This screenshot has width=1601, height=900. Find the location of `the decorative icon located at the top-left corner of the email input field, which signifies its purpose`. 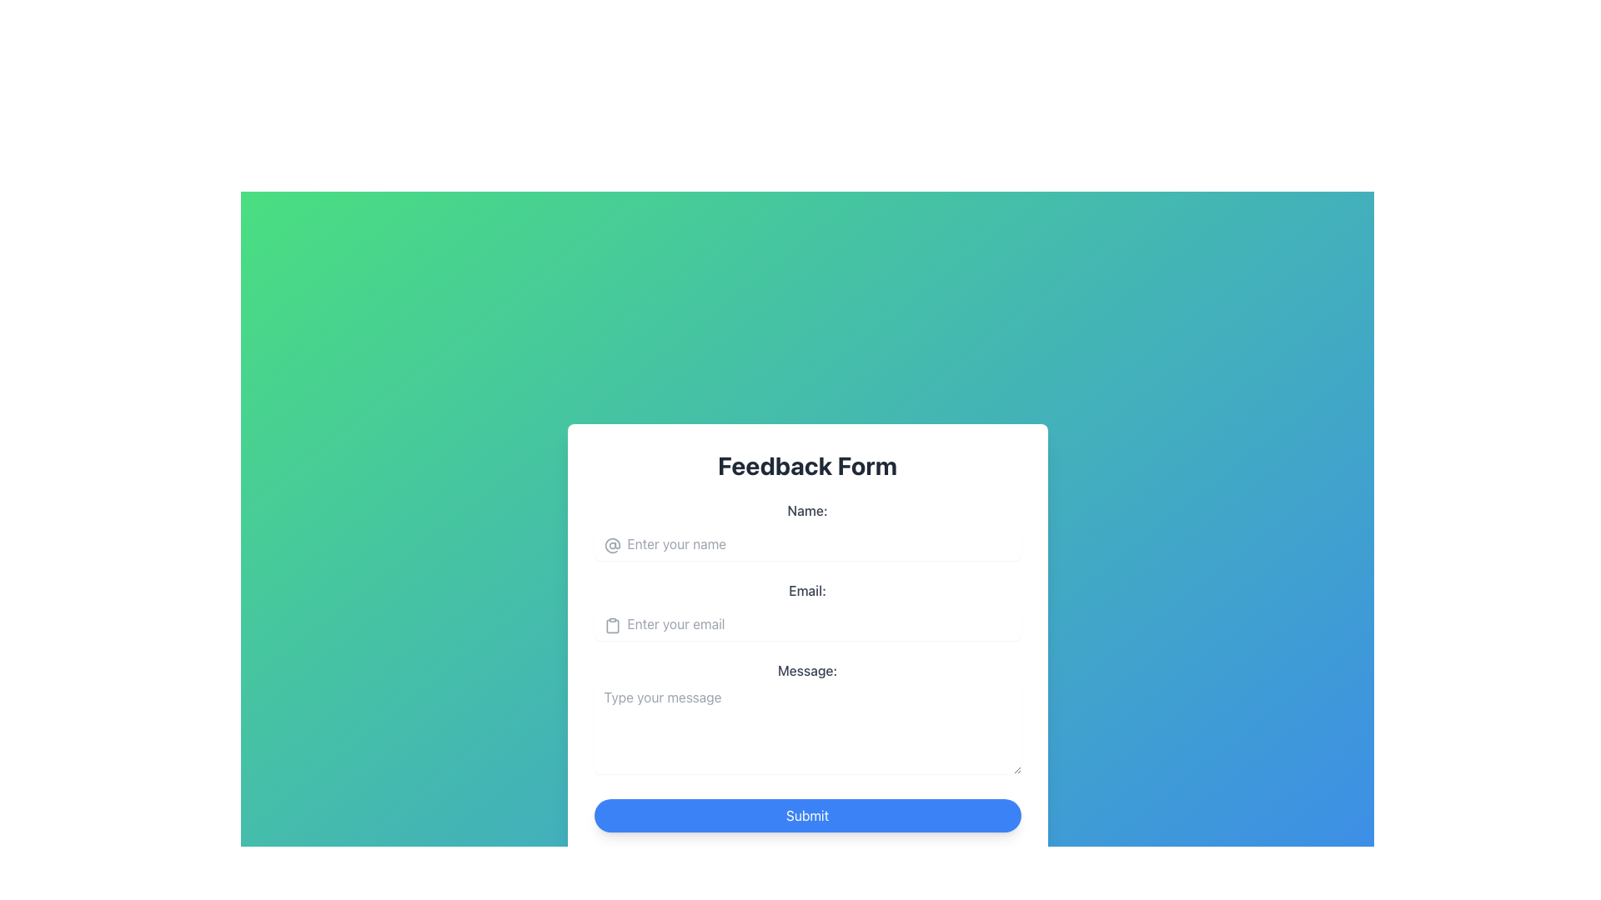

the decorative icon located at the top-left corner of the email input field, which signifies its purpose is located at coordinates (611, 626).